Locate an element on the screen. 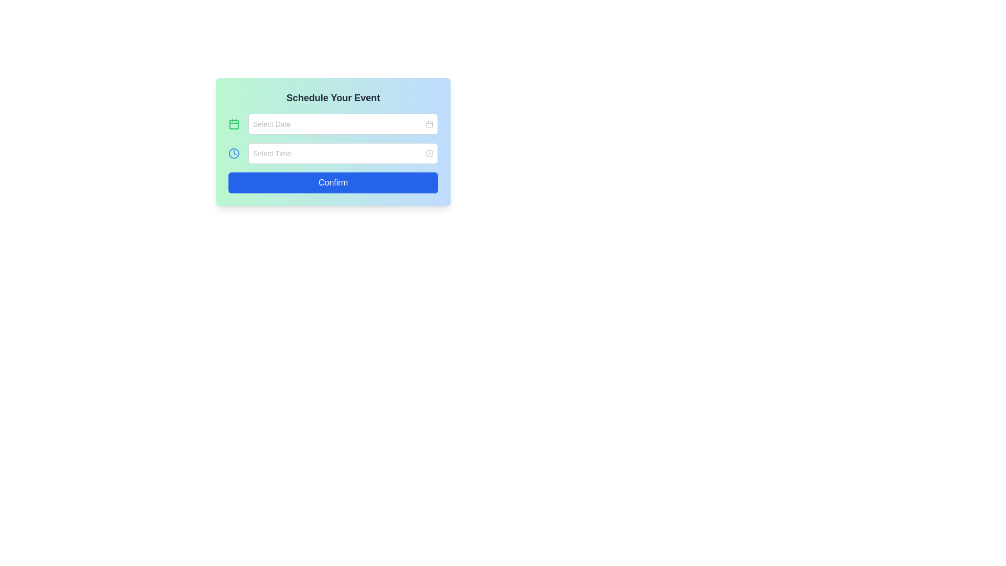 Image resolution: width=1006 pixels, height=566 pixels. the decorative or functional icon adjacent to the 'Select Time' input field, located at the rightmost side of the field is located at coordinates (430, 154).